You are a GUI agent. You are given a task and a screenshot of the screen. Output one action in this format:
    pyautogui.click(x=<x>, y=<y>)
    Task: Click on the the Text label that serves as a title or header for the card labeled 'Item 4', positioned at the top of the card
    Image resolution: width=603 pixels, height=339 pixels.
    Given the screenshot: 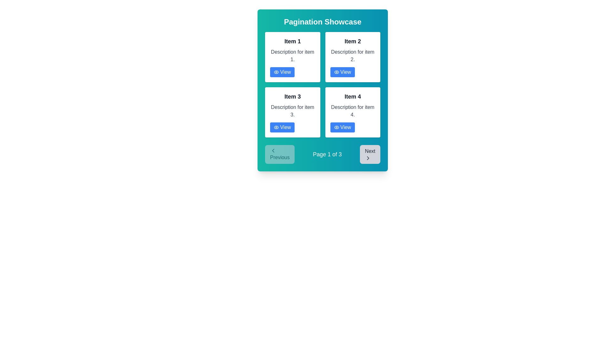 What is the action you would take?
    pyautogui.click(x=353, y=97)
    